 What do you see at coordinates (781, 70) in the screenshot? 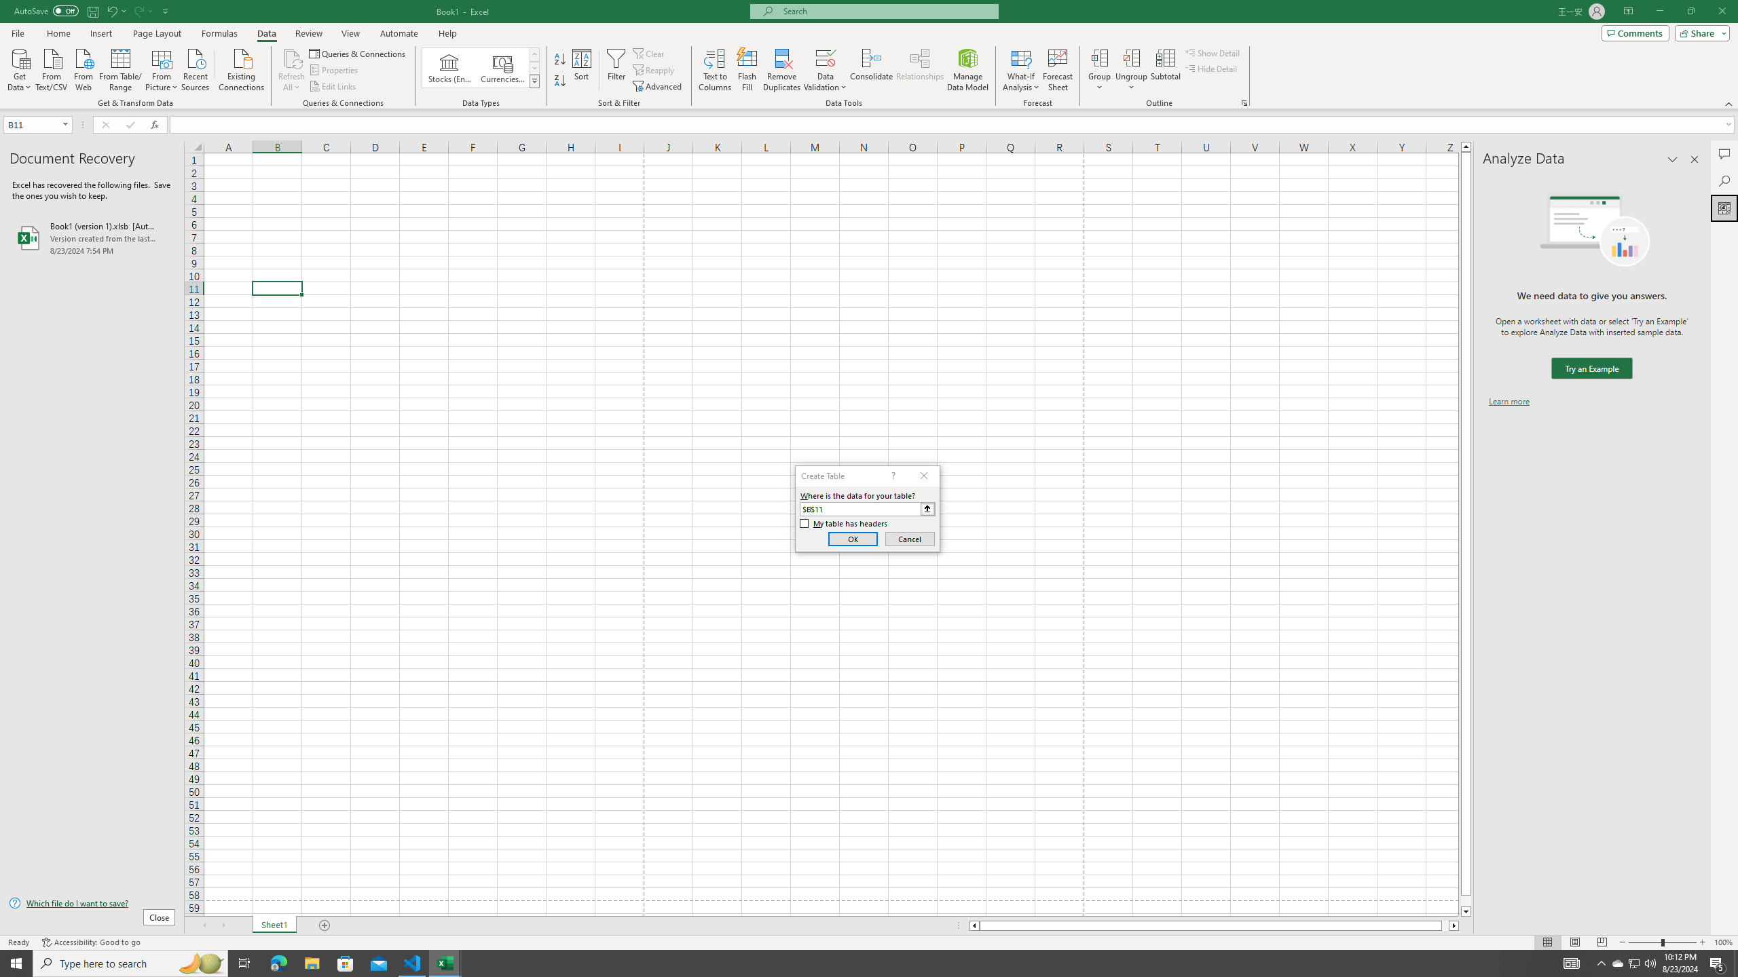
I see `'Remove Duplicates'` at bounding box center [781, 70].